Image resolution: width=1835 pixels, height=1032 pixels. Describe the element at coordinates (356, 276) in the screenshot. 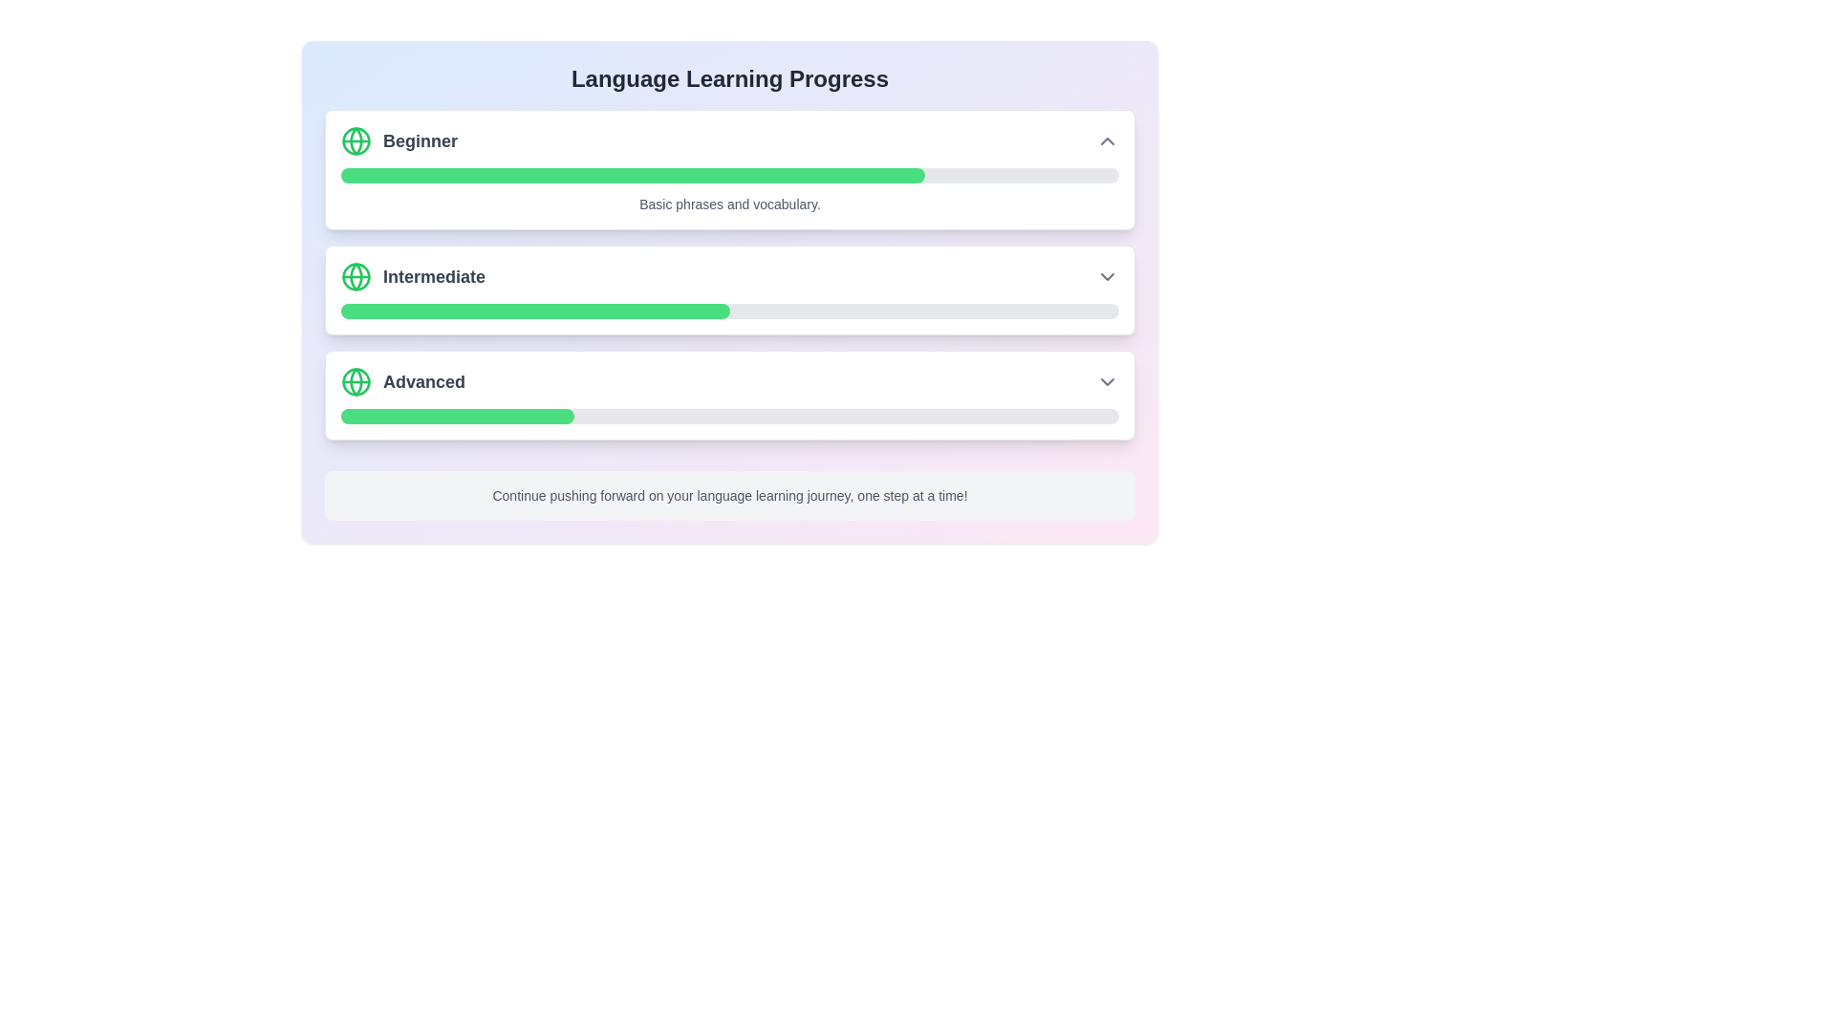

I see `the green globe icon located in the 'Intermediate' section, which is positioned to the left of the 'Intermediate' text` at that location.